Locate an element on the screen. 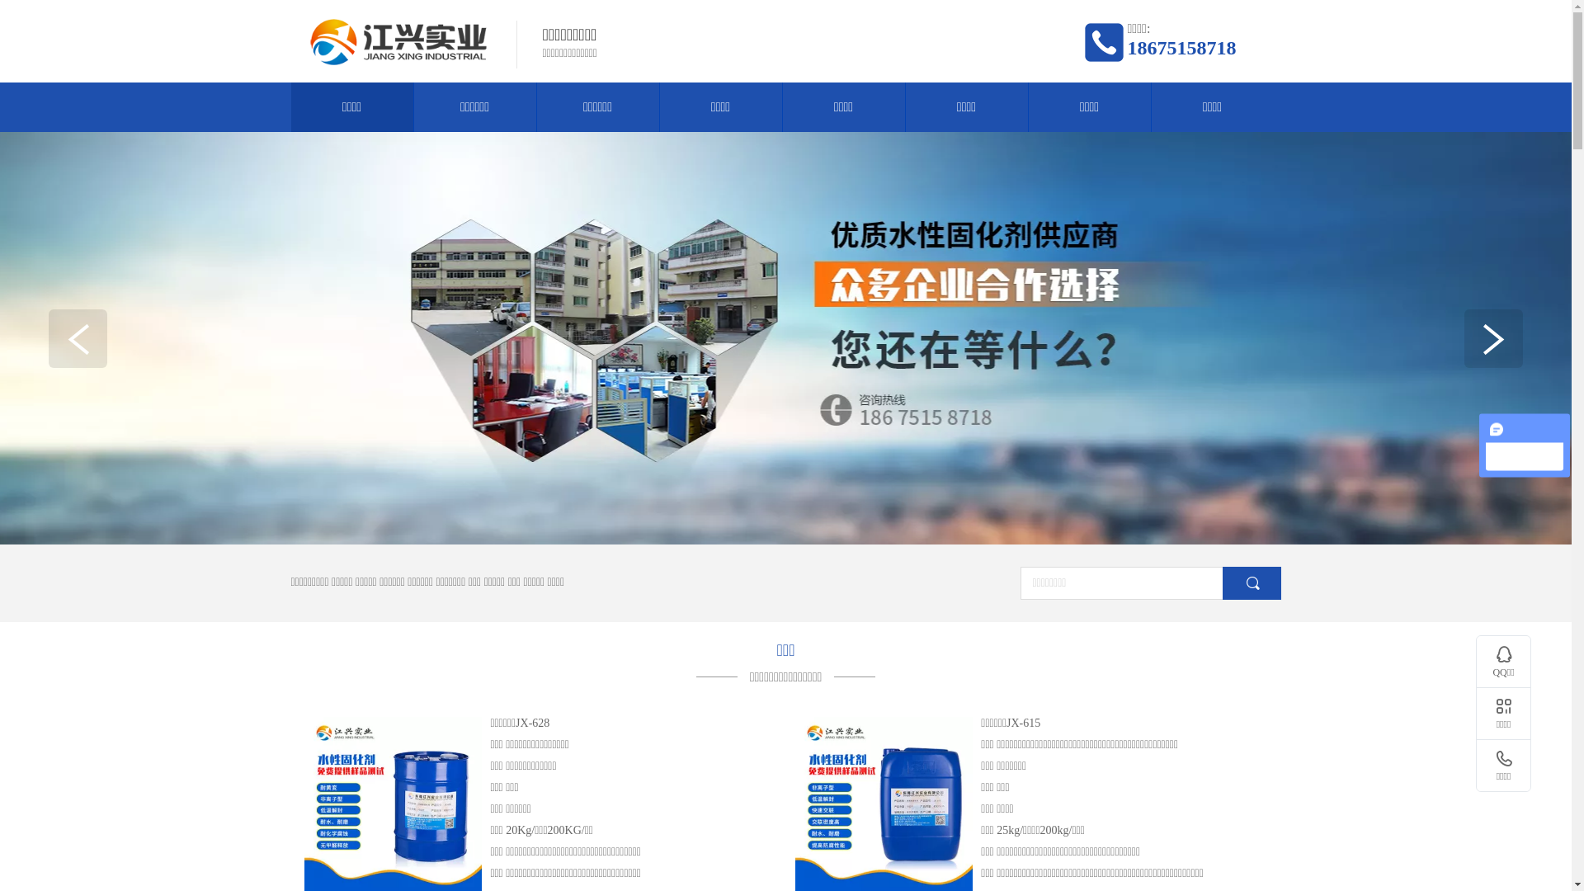 This screenshot has height=891, width=1584. 'logo' is located at coordinates (398, 40).